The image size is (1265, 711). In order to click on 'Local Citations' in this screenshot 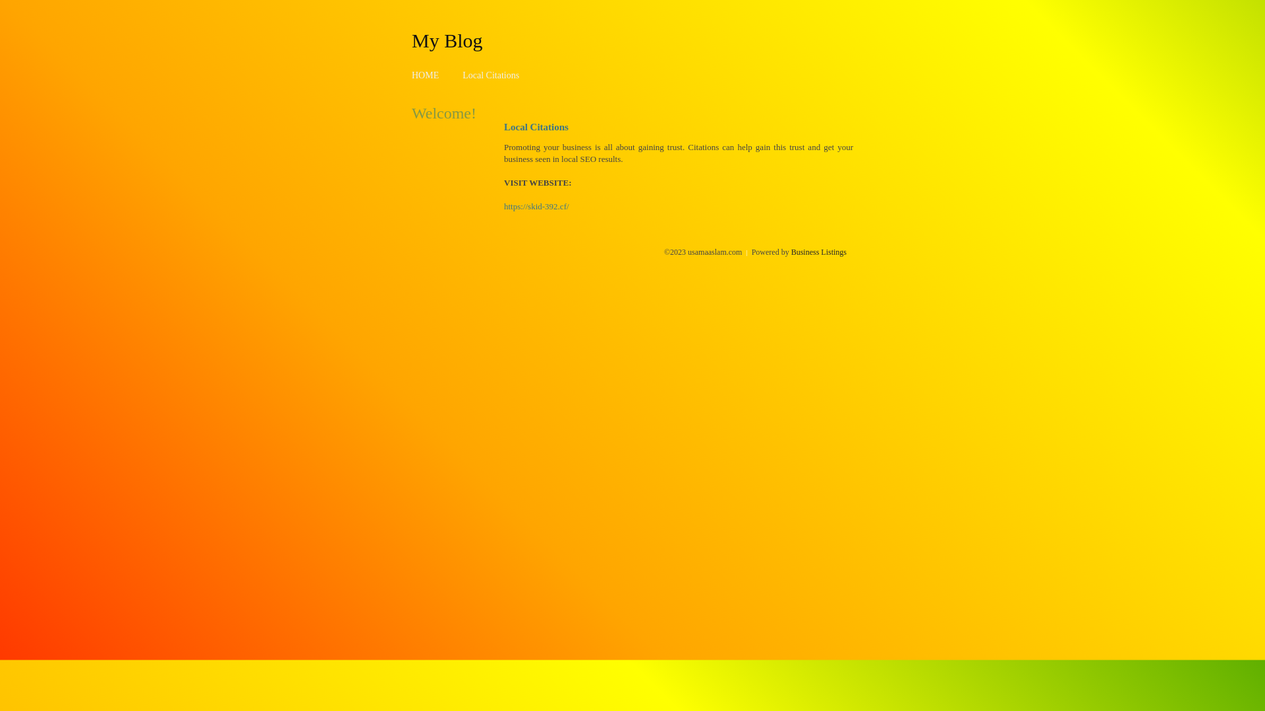, I will do `click(490, 75)`.